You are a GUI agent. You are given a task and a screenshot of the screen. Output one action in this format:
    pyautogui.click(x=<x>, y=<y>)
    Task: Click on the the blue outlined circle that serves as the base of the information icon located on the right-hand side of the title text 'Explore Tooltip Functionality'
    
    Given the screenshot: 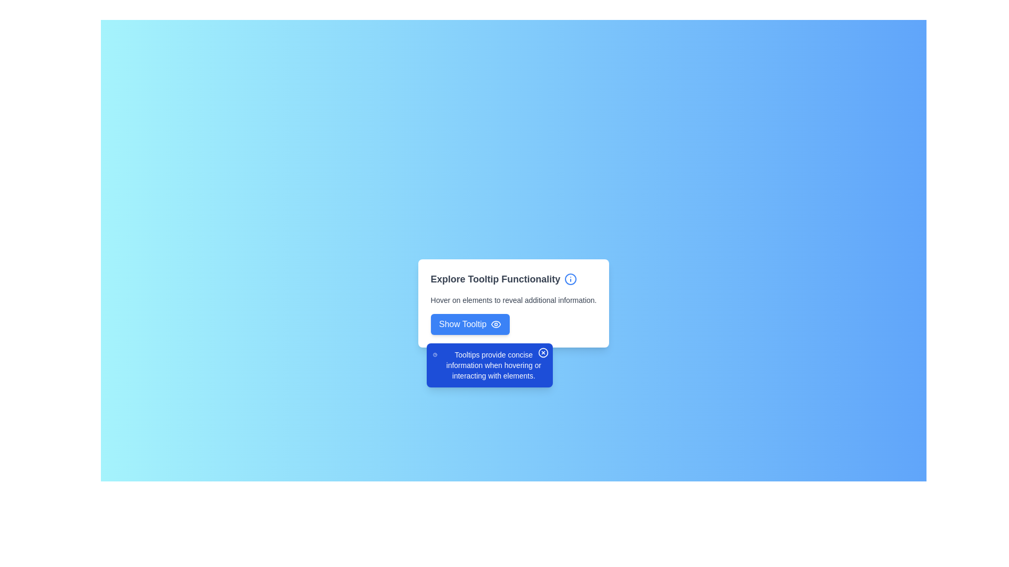 What is the action you would take?
    pyautogui.click(x=570, y=279)
    